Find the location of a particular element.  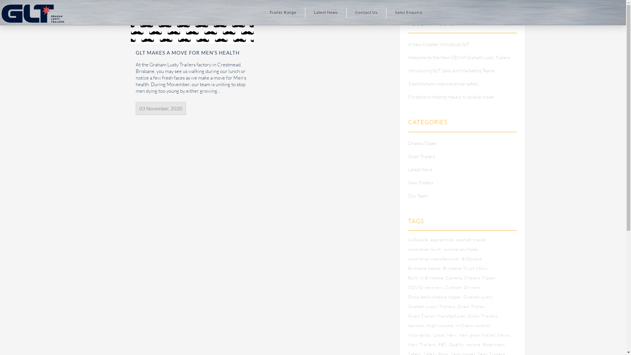

'Custom' is located at coordinates (454, 287).